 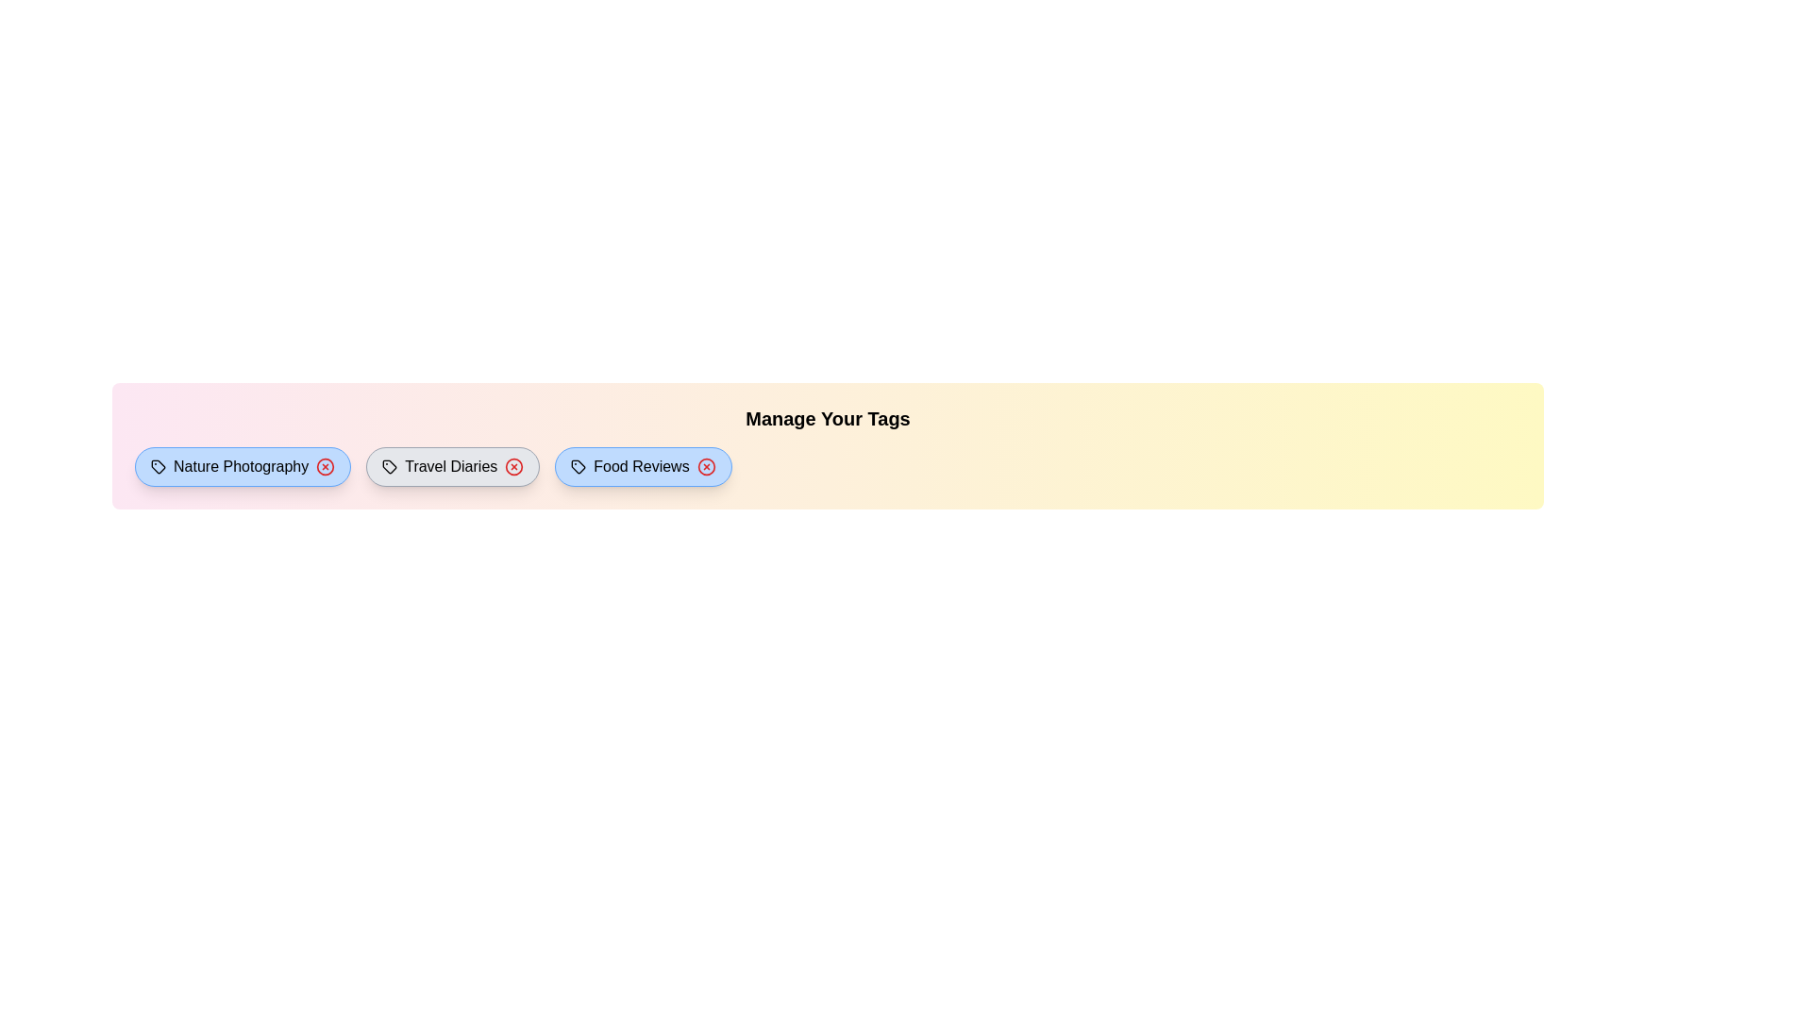 What do you see at coordinates (326, 466) in the screenshot?
I see `the tag labeled Nature Photography by clicking its close button` at bounding box center [326, 466].